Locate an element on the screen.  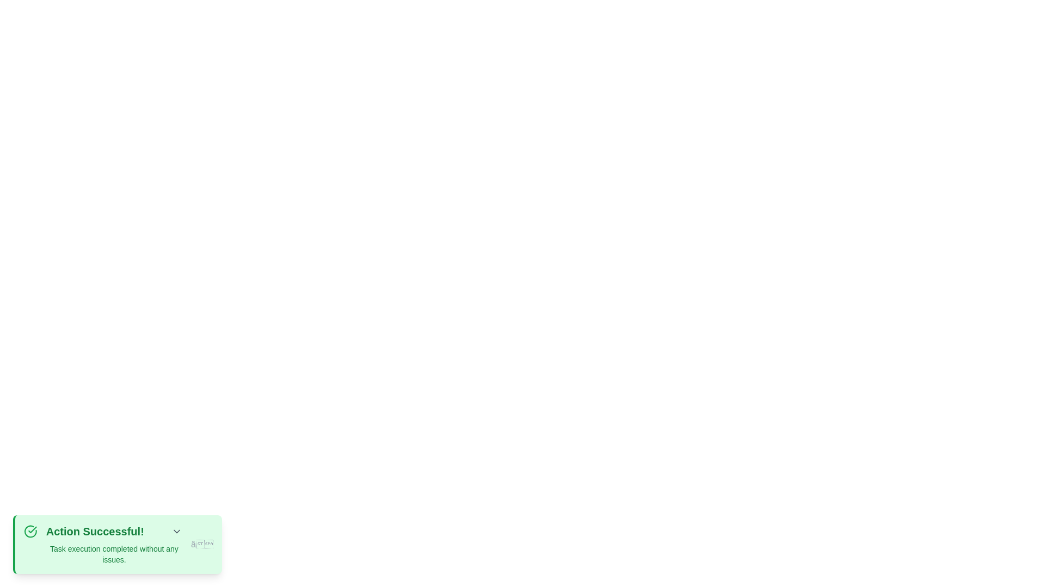
the toggle button to toggle the visibility of additional details is located at coordinates (177, 531).